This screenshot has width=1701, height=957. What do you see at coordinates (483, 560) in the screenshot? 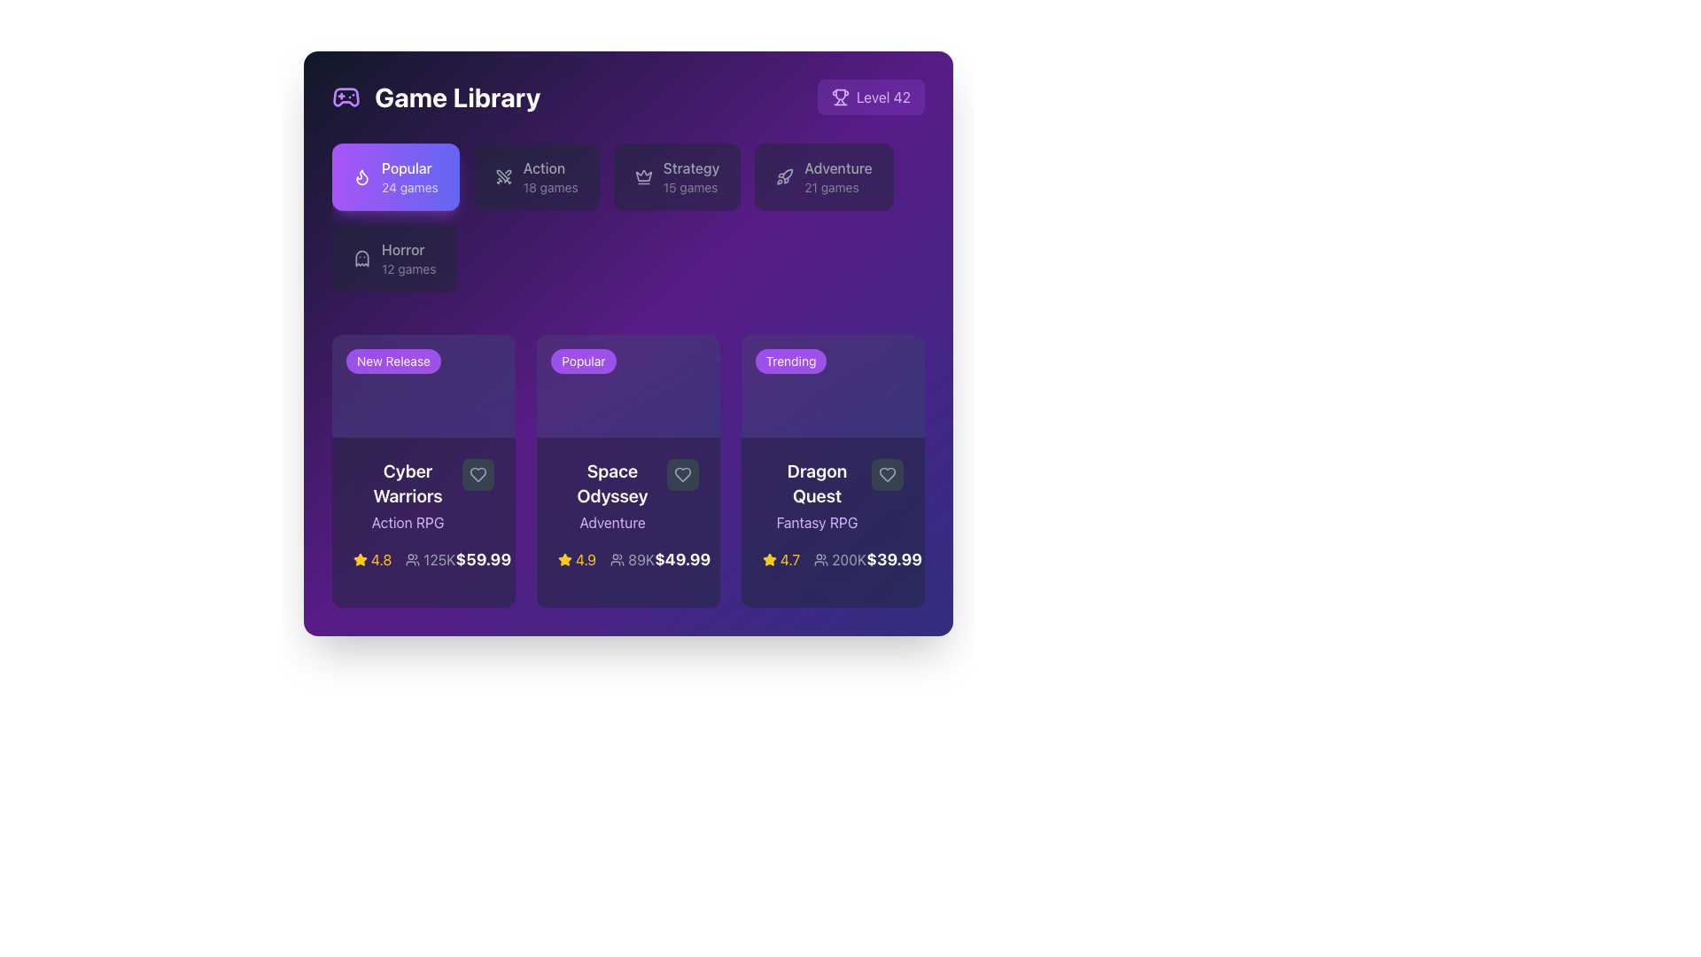
I see `the bold text label displaying the price '$59.99' located on the first card in the second section, below the 'Cyber Warriors' title` at bounding box center [483, 560].